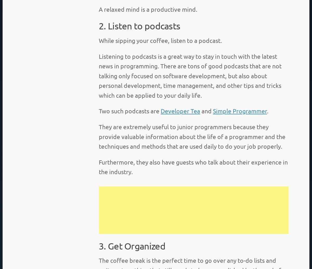 The image size is (312, 269). I want to click on 'They are extremely useful to junior programmers because they provide valuable information about the life of a programmer and the techniques and methods that are used daily to do your job properly.', so click(192, 136).